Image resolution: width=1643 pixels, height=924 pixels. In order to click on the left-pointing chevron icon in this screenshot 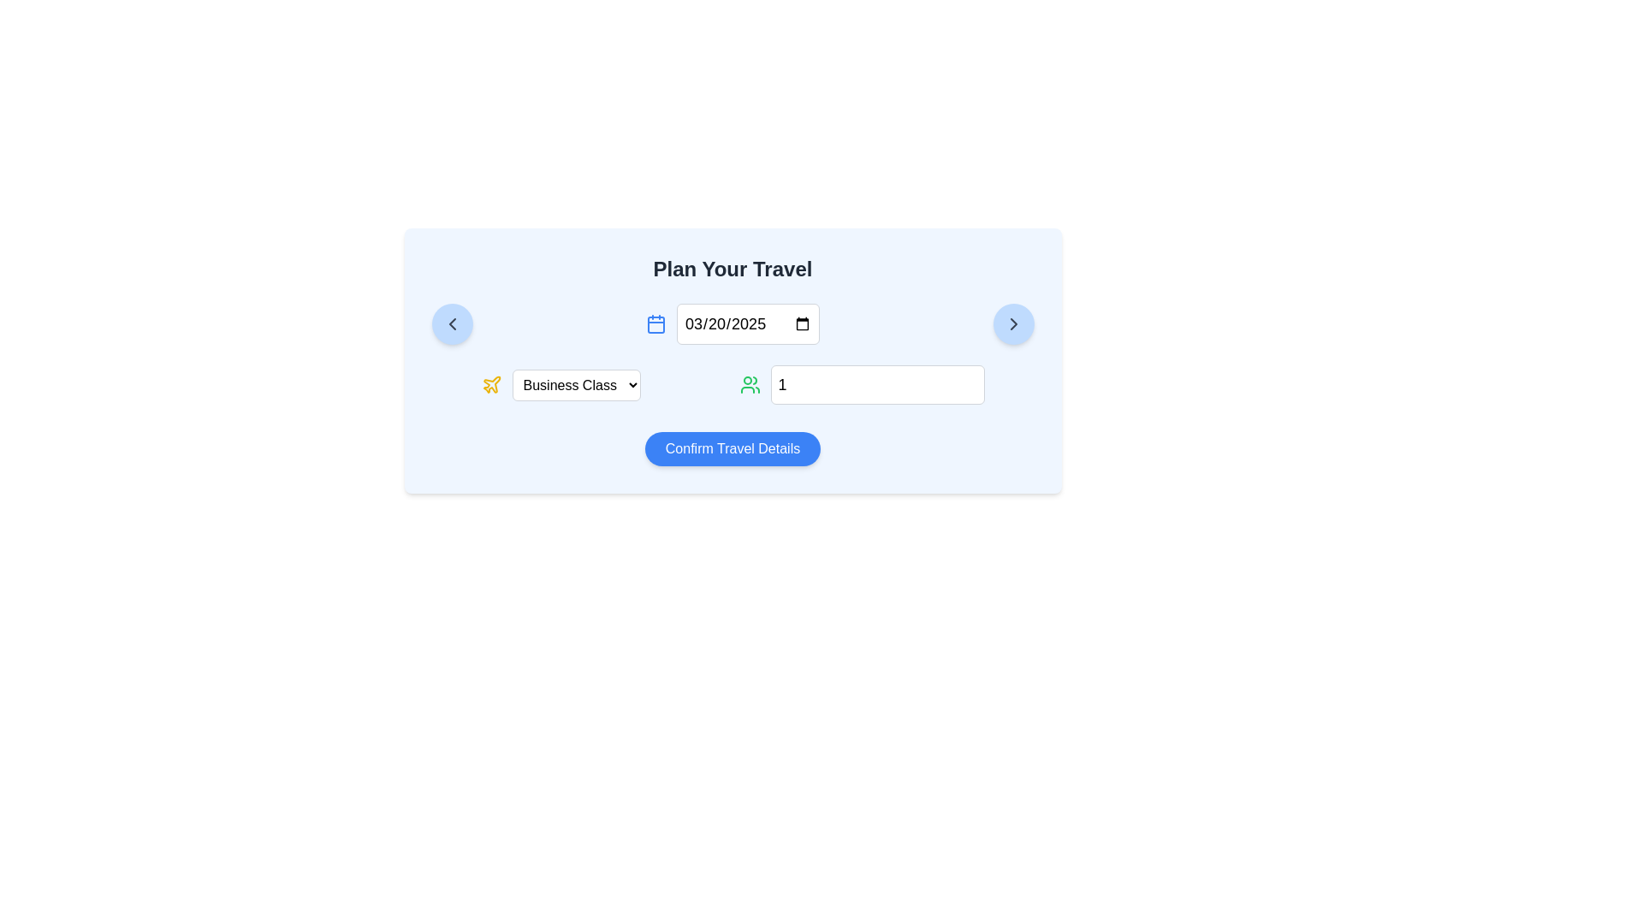, I will do `click(452, 323)`.